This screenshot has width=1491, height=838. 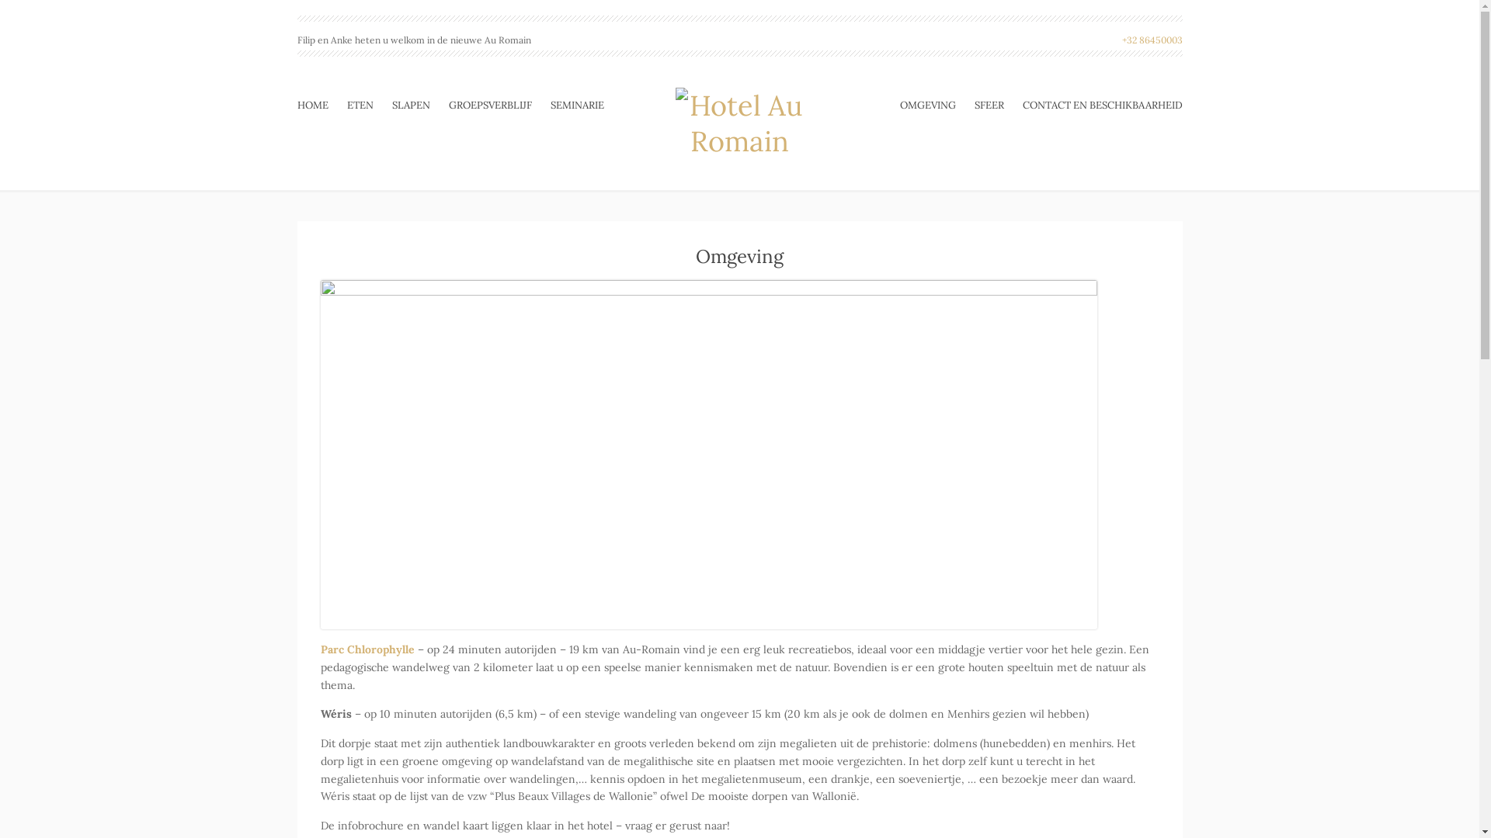 I want to click on 'SEMINARIE', so click(x=571, y=105).